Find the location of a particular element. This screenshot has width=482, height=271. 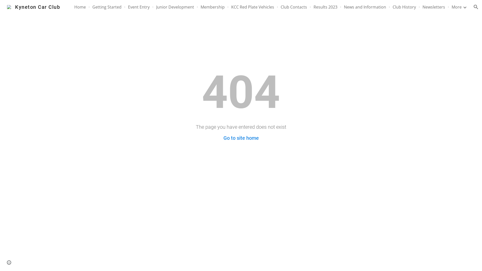

'More' is located at coordinates (457, 7).